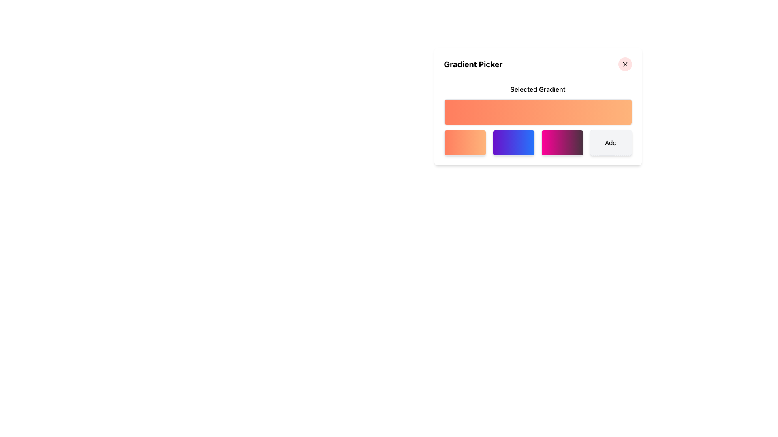 The width and height of the screenshot is (778, 437). What do you see at coordinates (538, 142) in the screenshot?
I see `the third gradient option button in the bottom grid of the 'Gradient Picker' component` at bounding box center [538, 142].